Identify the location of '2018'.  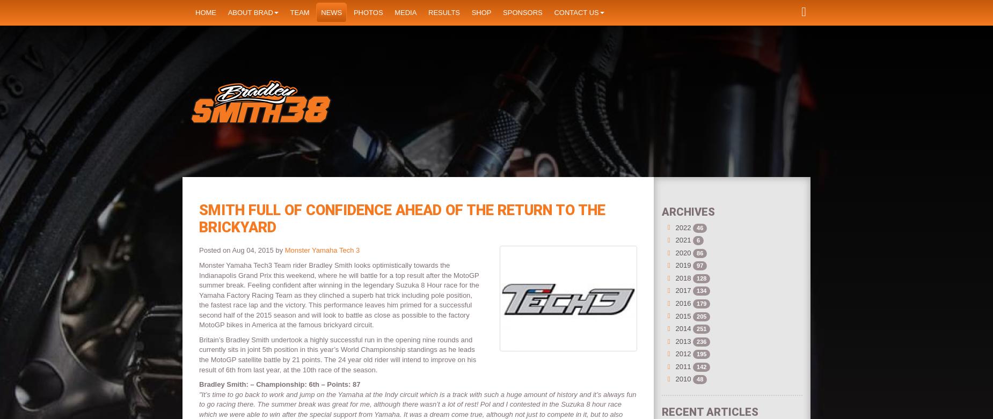
(682, 277).